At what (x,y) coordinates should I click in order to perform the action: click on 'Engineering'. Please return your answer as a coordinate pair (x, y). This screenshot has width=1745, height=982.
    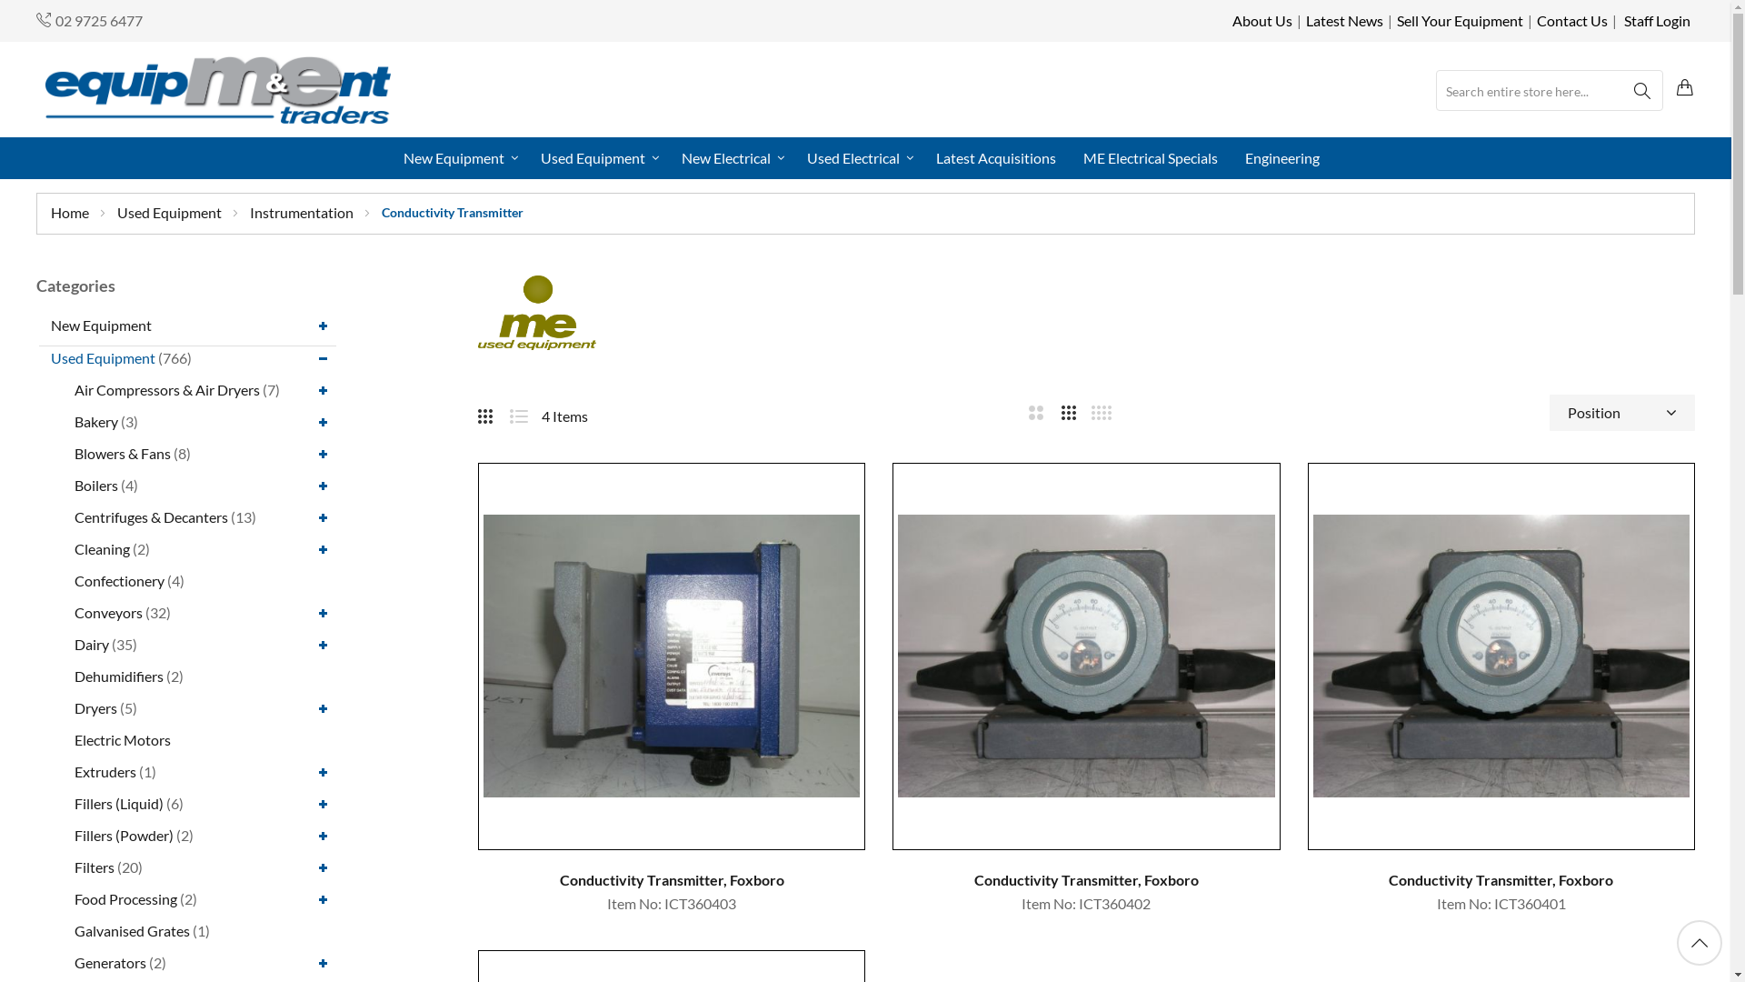
    Looking at the image, I should click on (1235, 156).